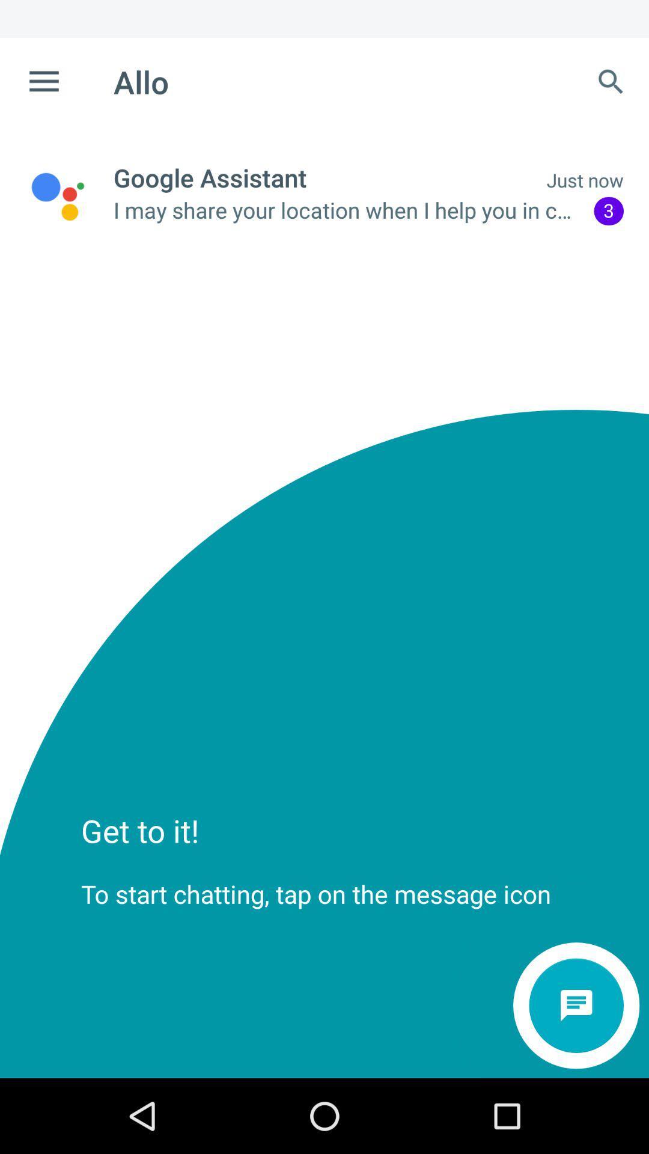  What do you see at coordinates (576, 1006) in the screenshot?
I see `the chat icon` at bounding box center [576, 1006].